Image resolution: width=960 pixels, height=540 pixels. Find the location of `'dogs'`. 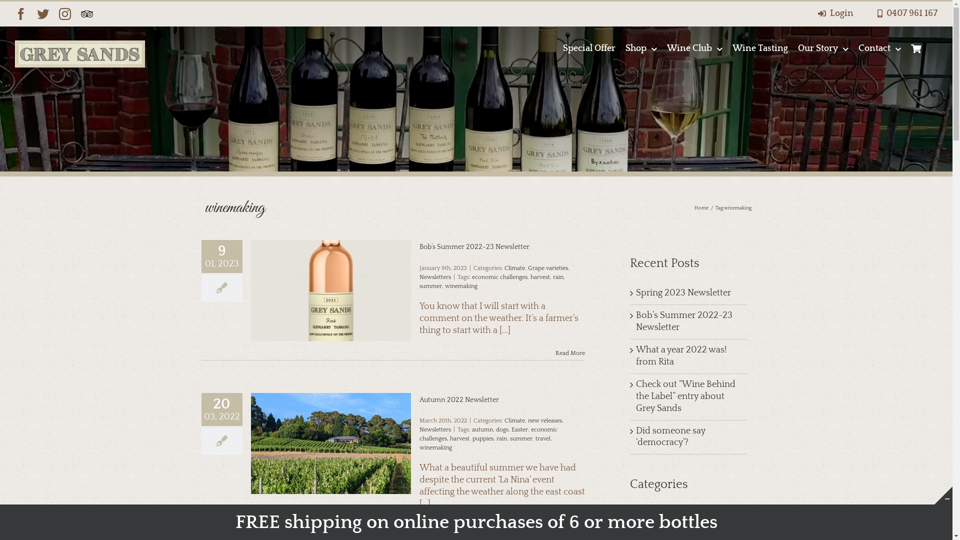

'dogs' is located at coordinates (502, 429).